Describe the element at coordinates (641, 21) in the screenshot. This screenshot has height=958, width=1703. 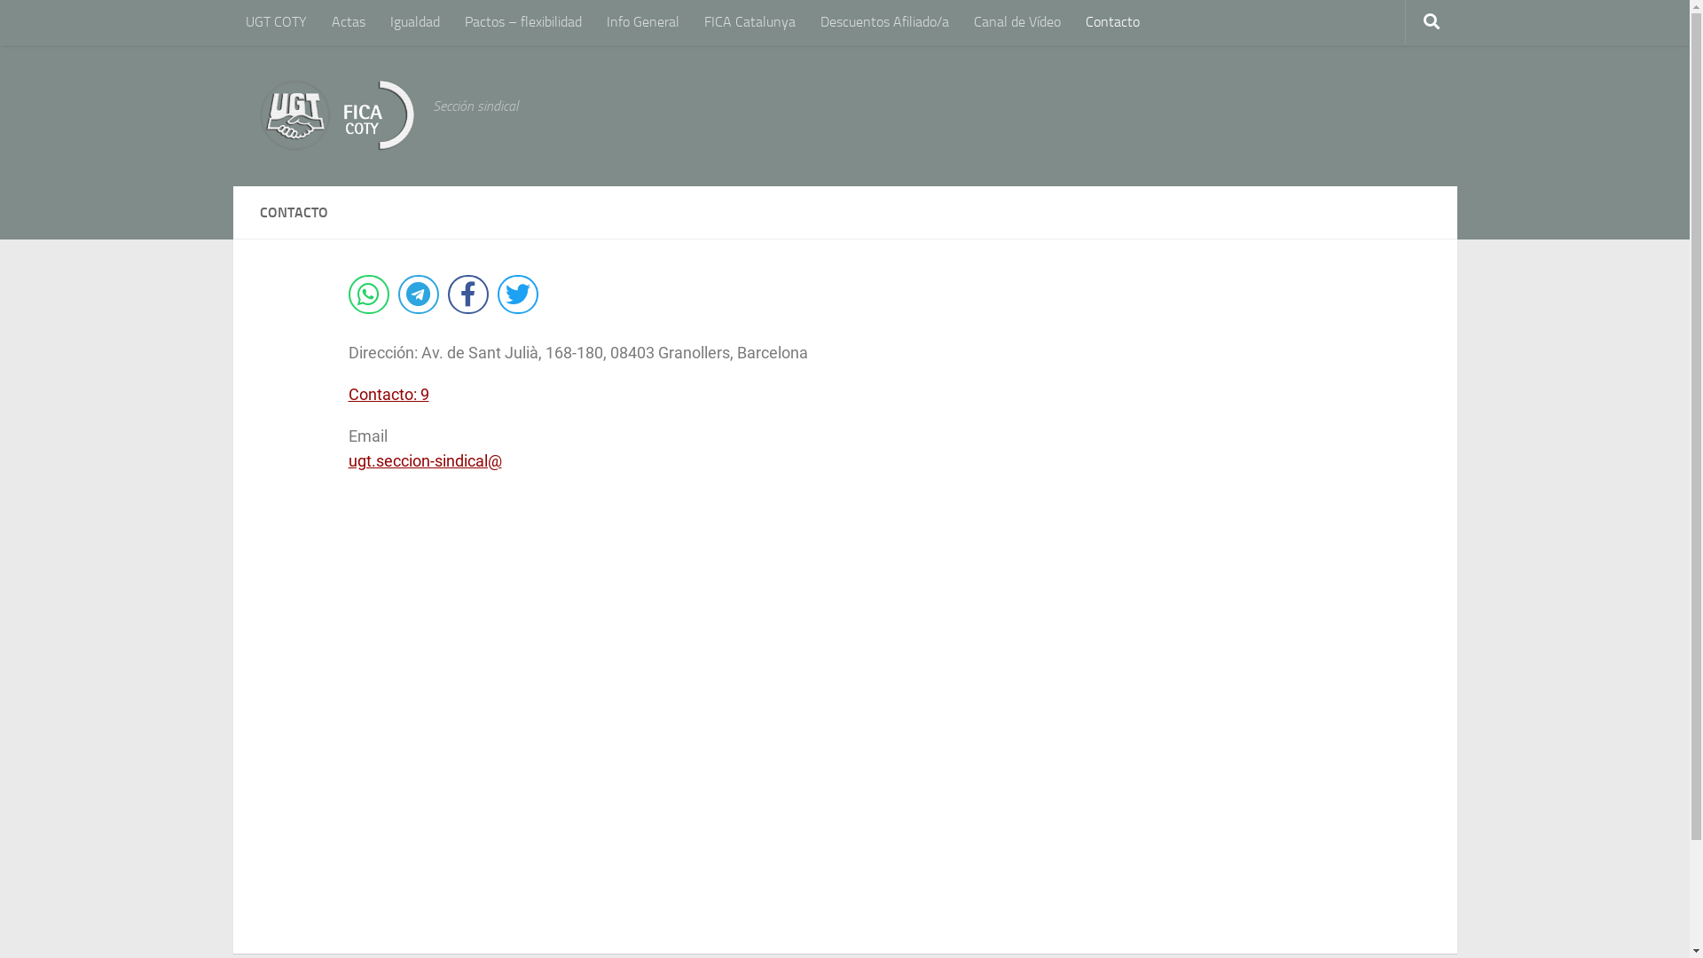
I see `'Info General'` at that location.